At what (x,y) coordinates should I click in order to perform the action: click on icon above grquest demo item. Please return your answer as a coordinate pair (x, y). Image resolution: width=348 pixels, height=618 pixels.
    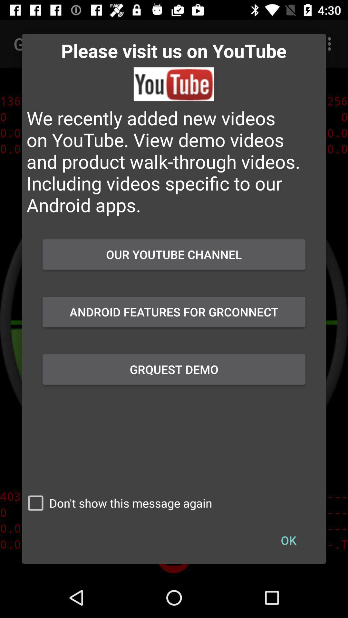
    Looking at the image, I should click on (174, 312).